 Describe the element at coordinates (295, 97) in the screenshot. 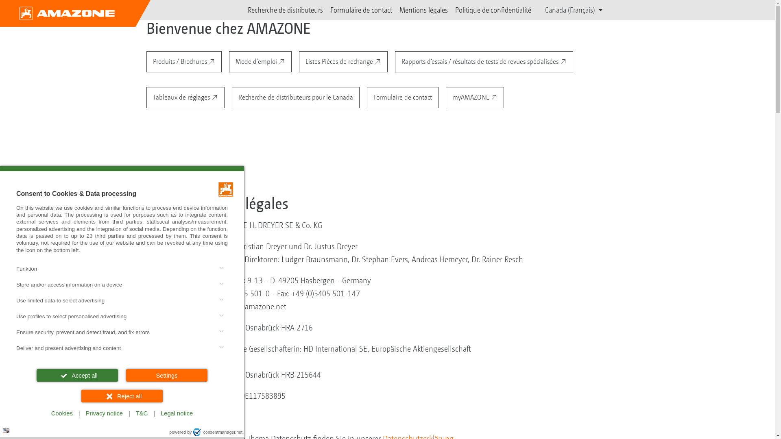

I see `'Recherche de distributeurs pour le Canada'` at that location.